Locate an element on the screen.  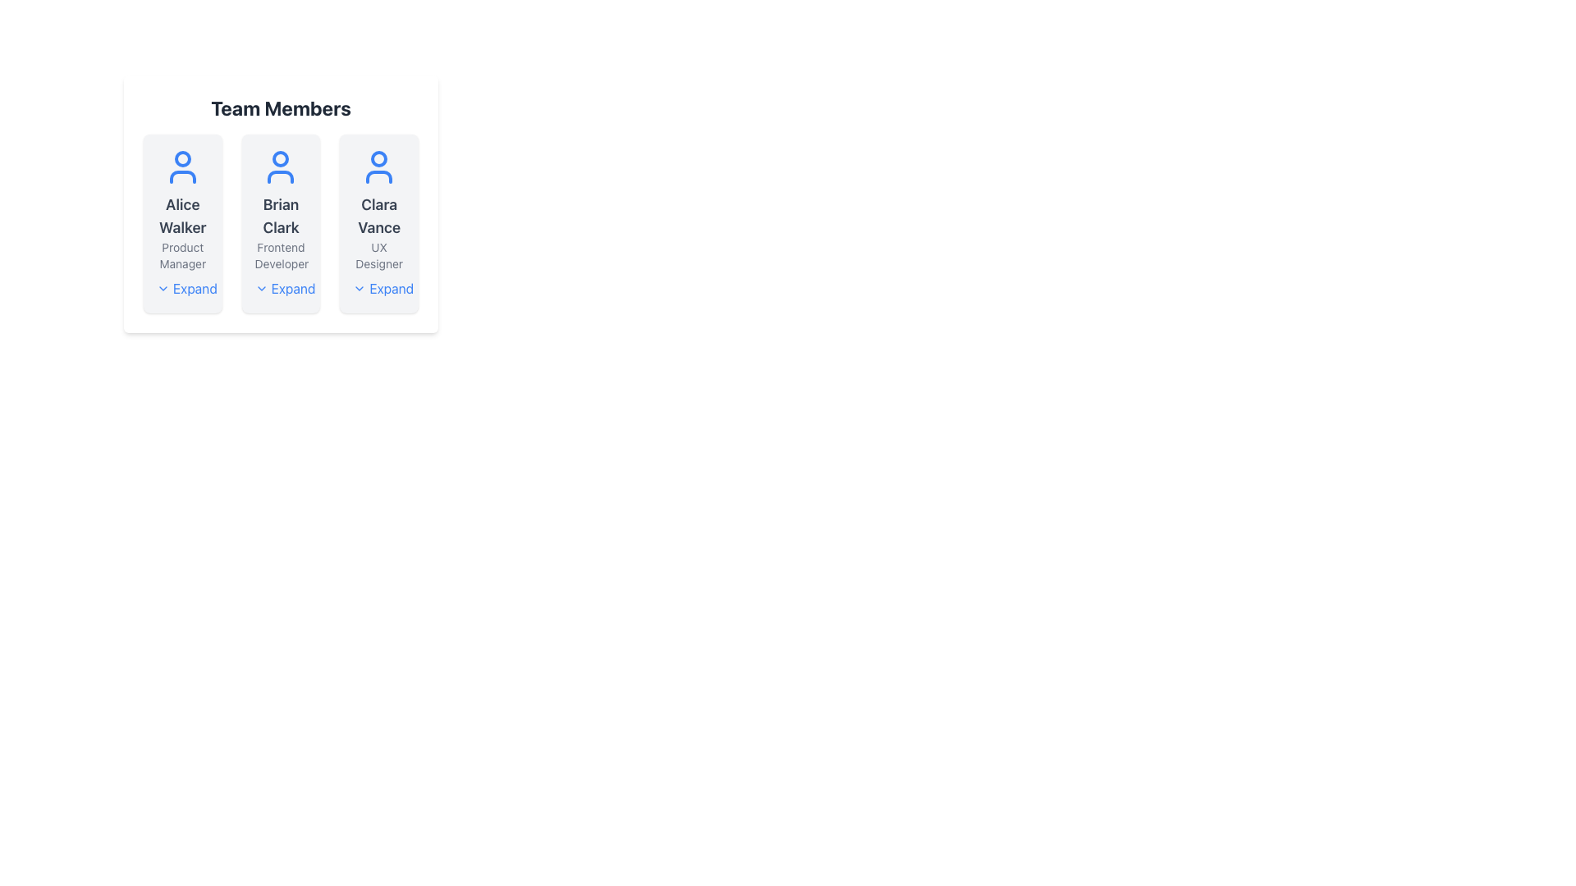
the text component displaying the name 'Brian Clark' in bold and large font, which is part of the profile card and positioned centrally within its area is located at coordinates (281, 215).